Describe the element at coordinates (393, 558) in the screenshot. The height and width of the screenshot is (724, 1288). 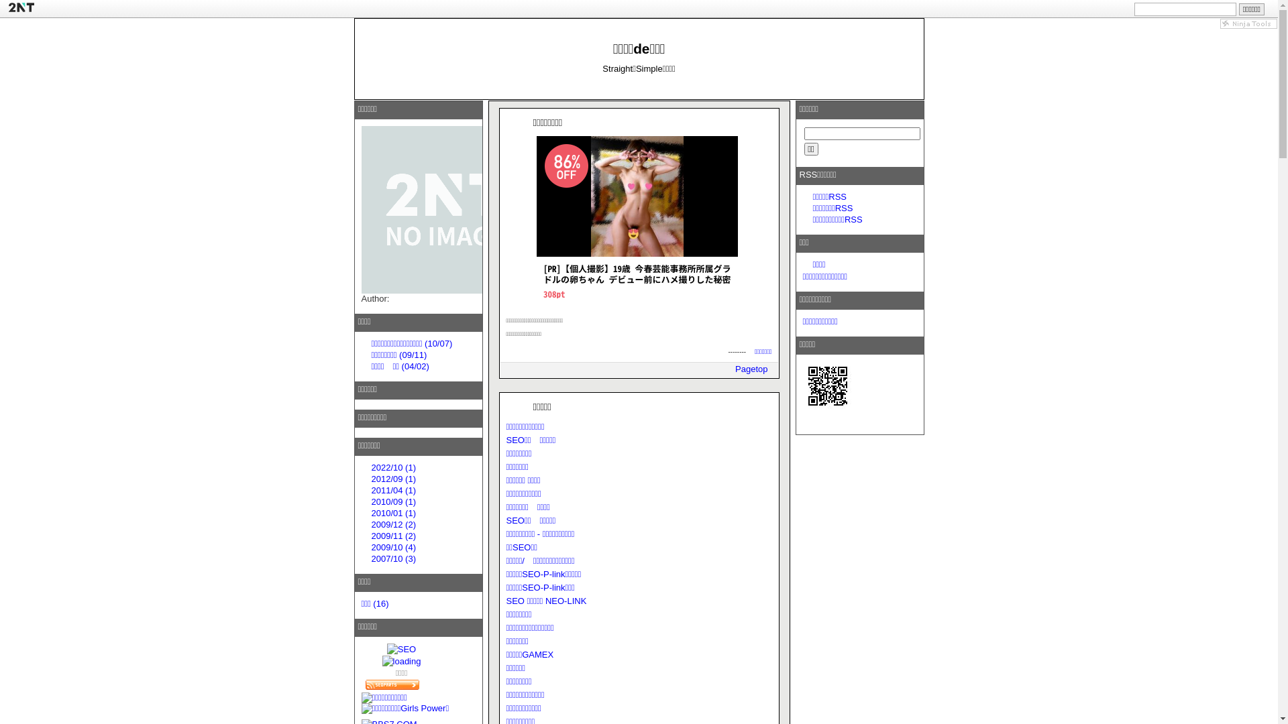
I see `'2007/10 (3)'` at that location.